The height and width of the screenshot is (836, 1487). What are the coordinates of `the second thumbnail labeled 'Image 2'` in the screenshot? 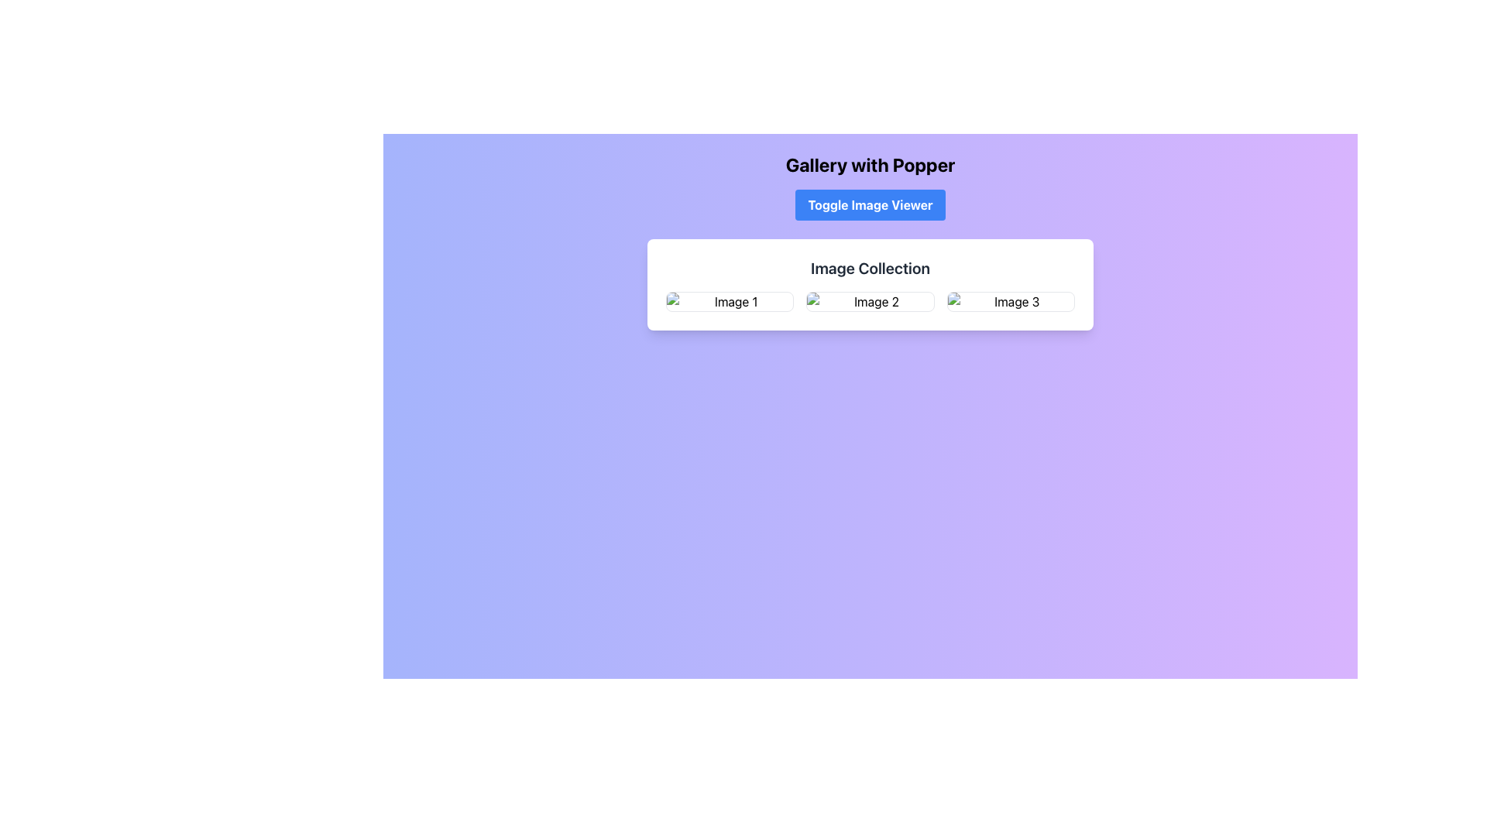 It's located at (870, 301).